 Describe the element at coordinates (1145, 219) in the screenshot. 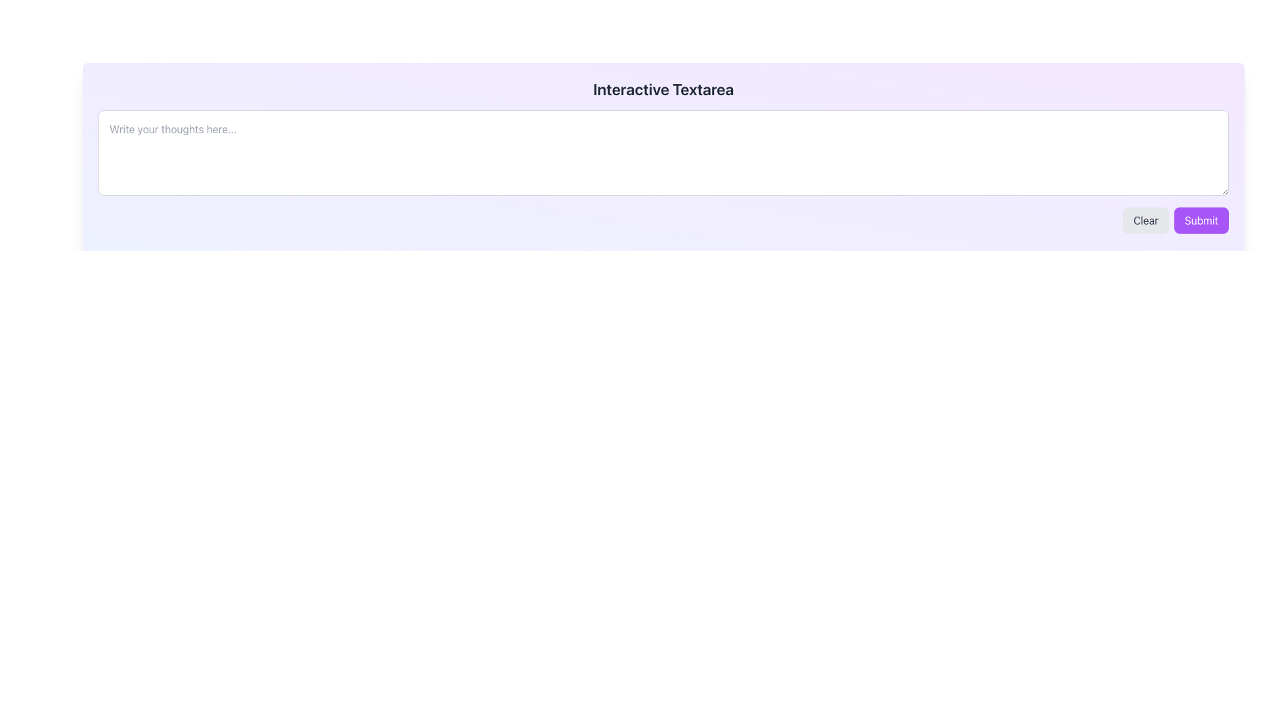

I see `the 'Clear' button, which is a rectangular button with a light gray background and dark gray text, located at the bottom-right corner of the interface` at that location.